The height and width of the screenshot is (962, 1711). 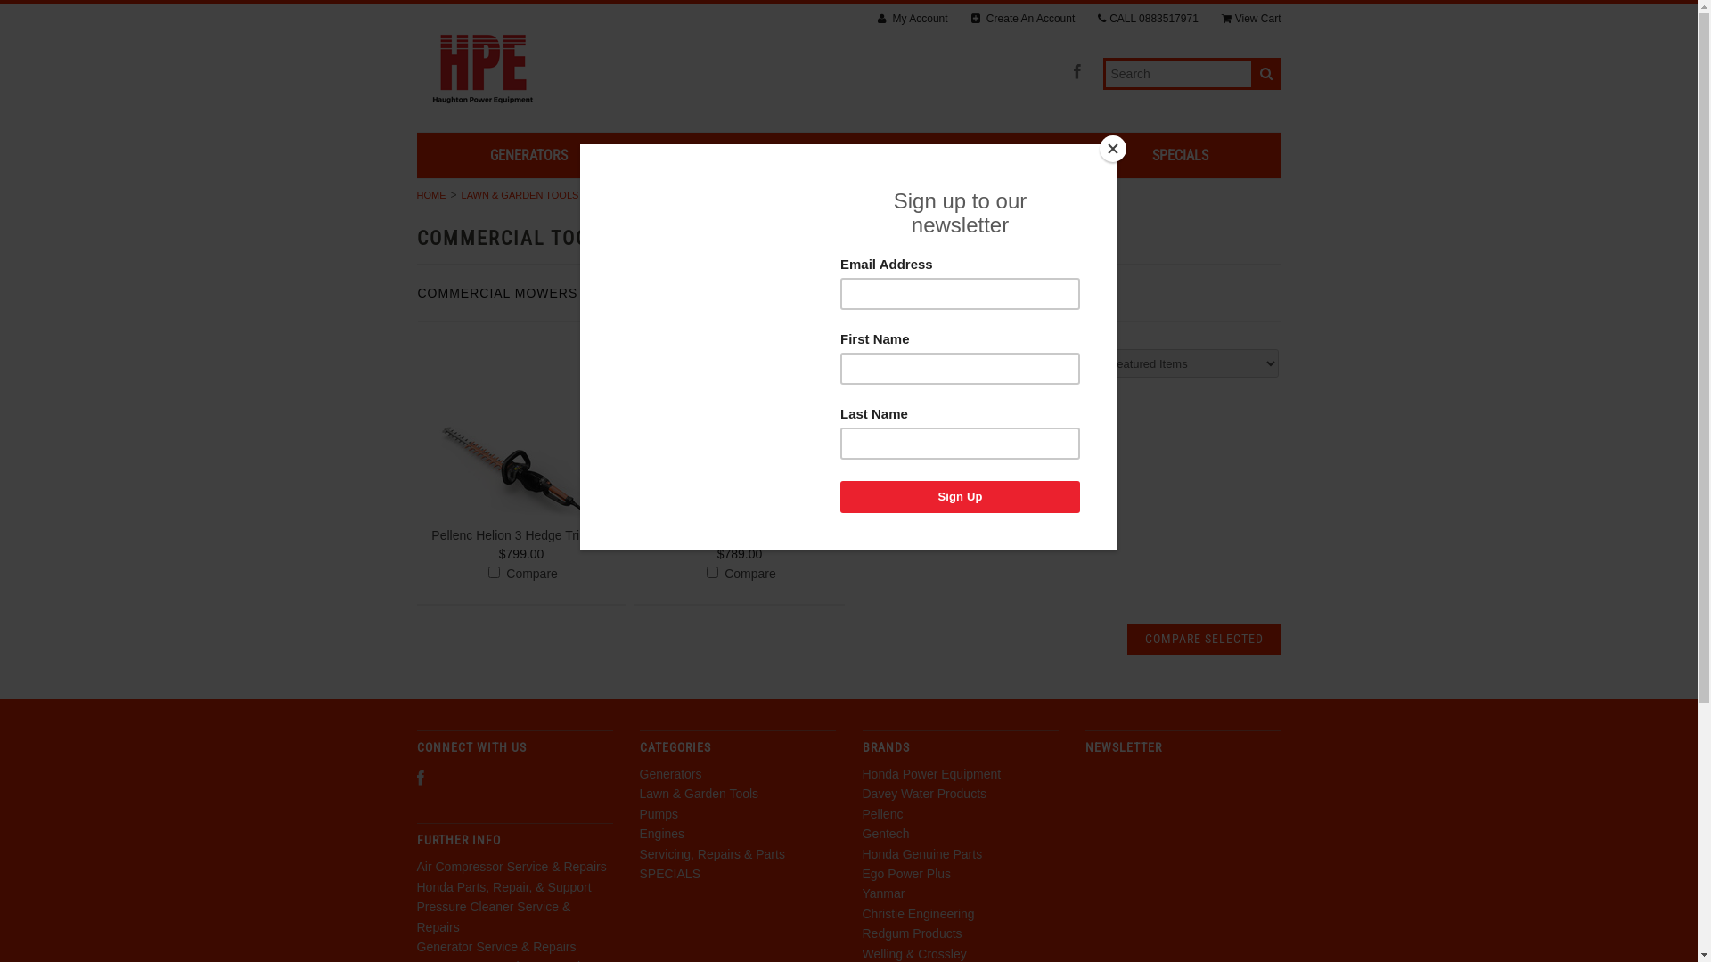 What do you see at coordinates (912, 19) in the screenshot?
I see `'My Account'` at bounding box center [912, 19].